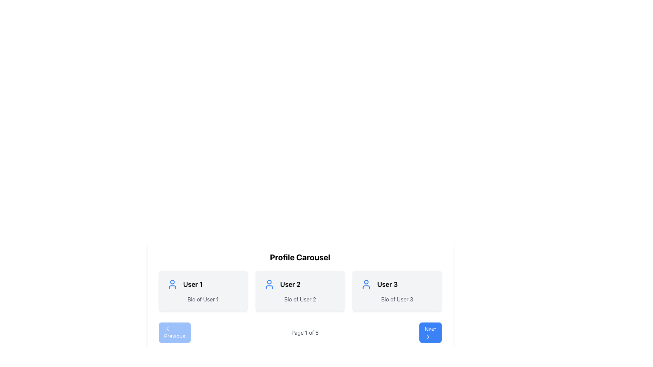  What do you see at coordinates (366, 282) in the screenshot?
I see `the decorative SVG graphic component of User 3's profile icon, which is positioned at the top of the user icon within the profile carousel` at bounding box center [366, 282].